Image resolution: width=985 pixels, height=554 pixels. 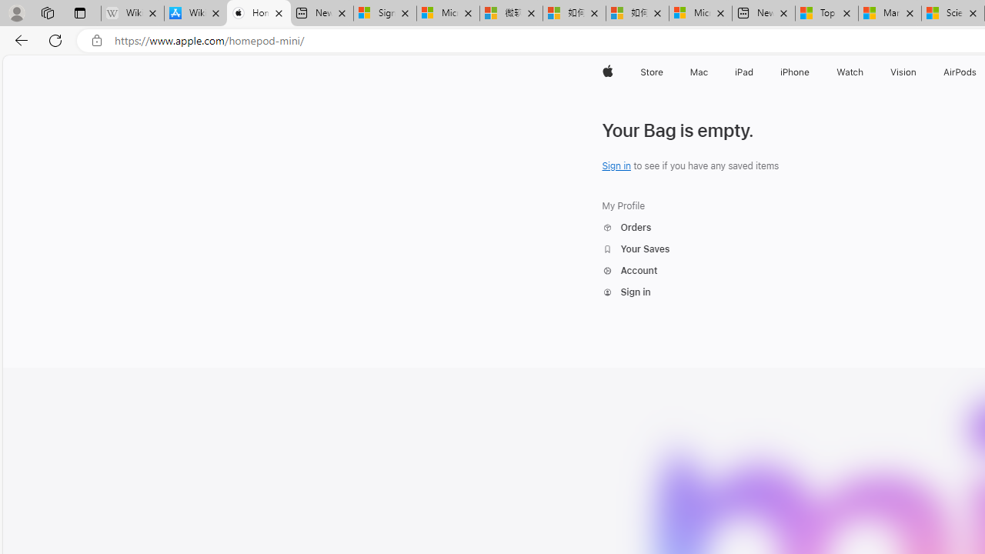 What do you see at coordinates (636, 269) in the screenshot?
I see `'Account'` at bounding box center [636, 269].